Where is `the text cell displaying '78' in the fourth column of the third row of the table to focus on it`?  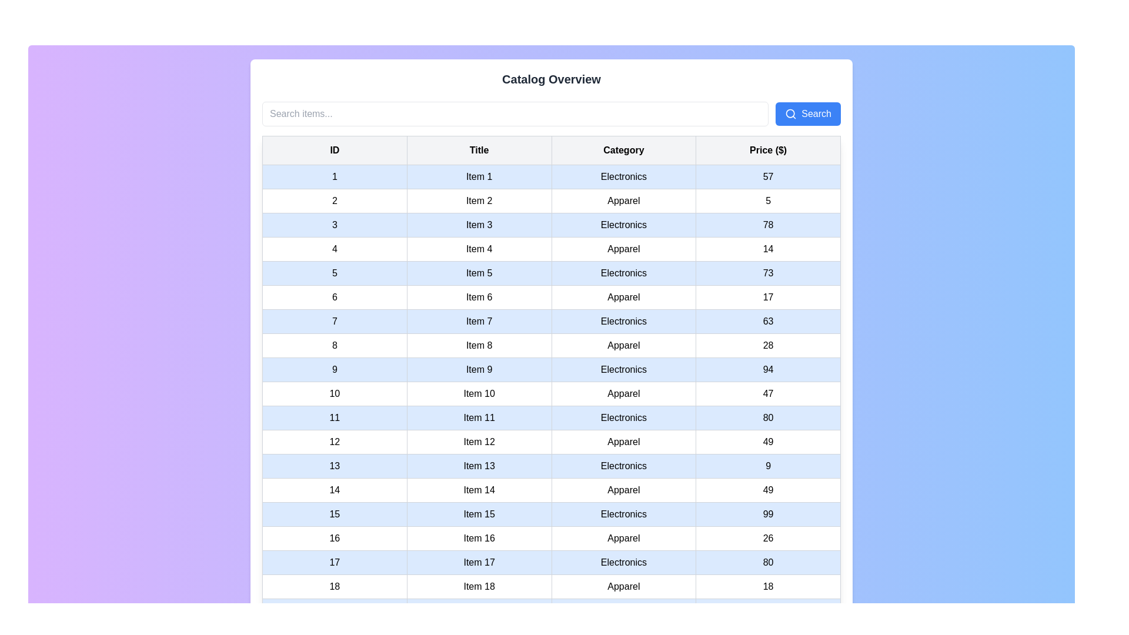 the text cell displaying '78' in the fourth column of the third row of the table to focus on it is located at coordinates (768, 225).